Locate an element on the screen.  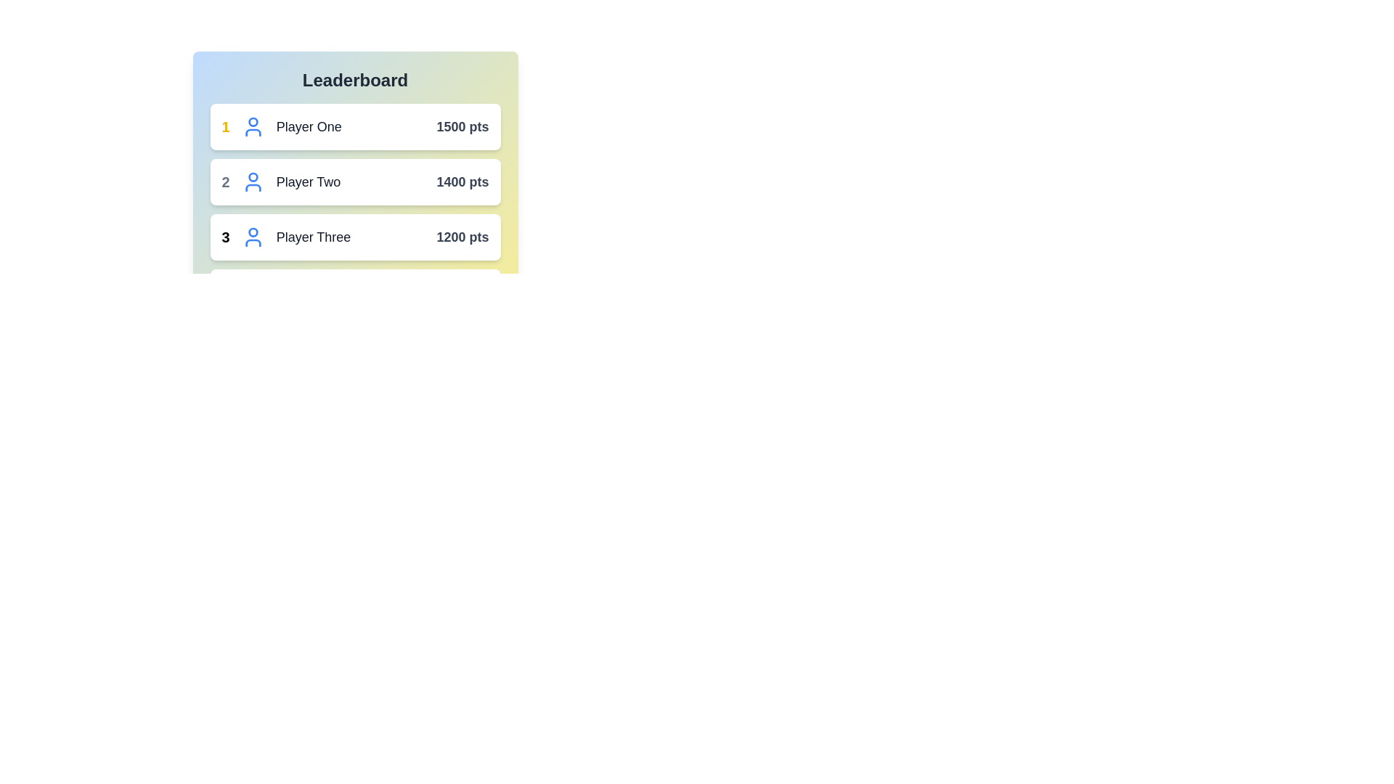
the leaderboard entry for Player Three to open the context menu is located at coordinates (355, 237).